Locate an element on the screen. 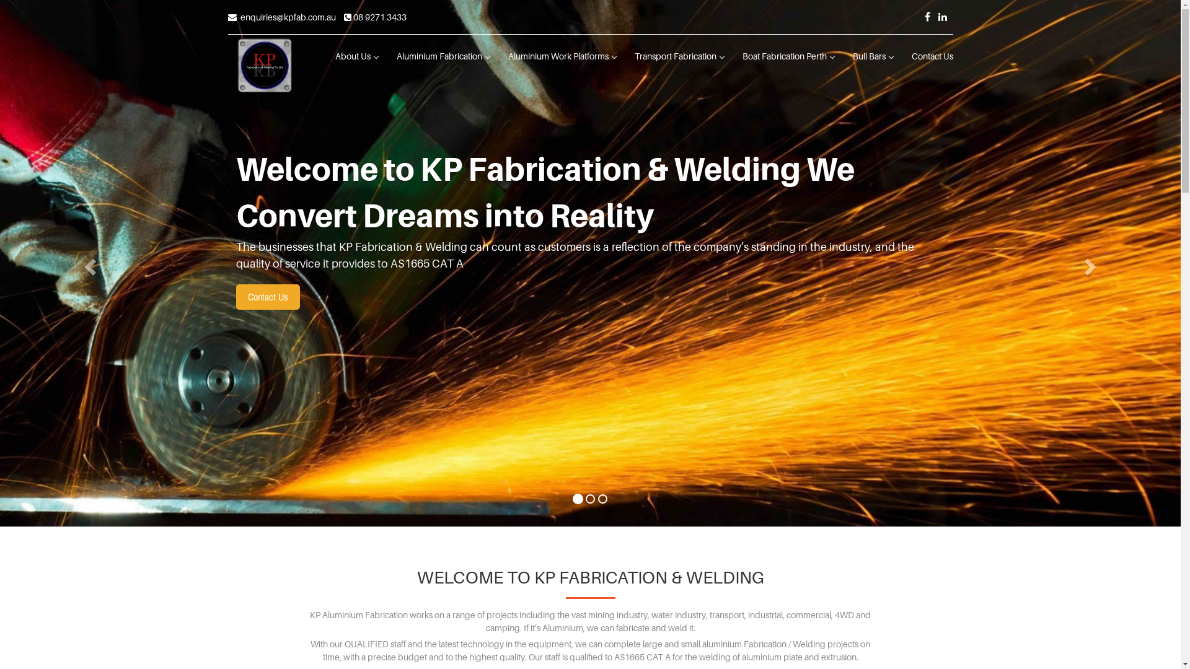  'Transport Fabrication' is located at coordinates (677, 56).